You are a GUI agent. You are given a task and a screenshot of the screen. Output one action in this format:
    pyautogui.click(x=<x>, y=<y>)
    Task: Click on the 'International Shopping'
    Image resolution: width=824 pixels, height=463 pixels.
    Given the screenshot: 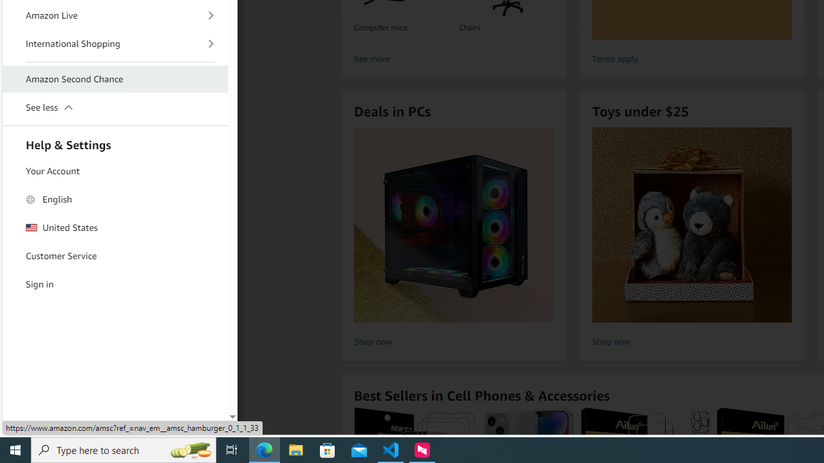 What is the action you would take?
    pyautogui.click(x=115, y=43)
    